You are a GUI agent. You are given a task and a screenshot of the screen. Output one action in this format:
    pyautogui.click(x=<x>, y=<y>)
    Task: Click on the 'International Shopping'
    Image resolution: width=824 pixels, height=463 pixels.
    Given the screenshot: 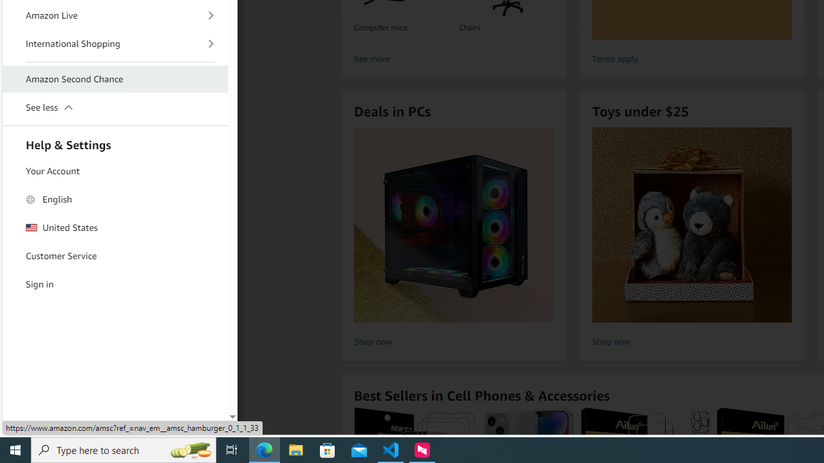 What is the action you would take?
    pyautogui.click(x=115, y=43)
    